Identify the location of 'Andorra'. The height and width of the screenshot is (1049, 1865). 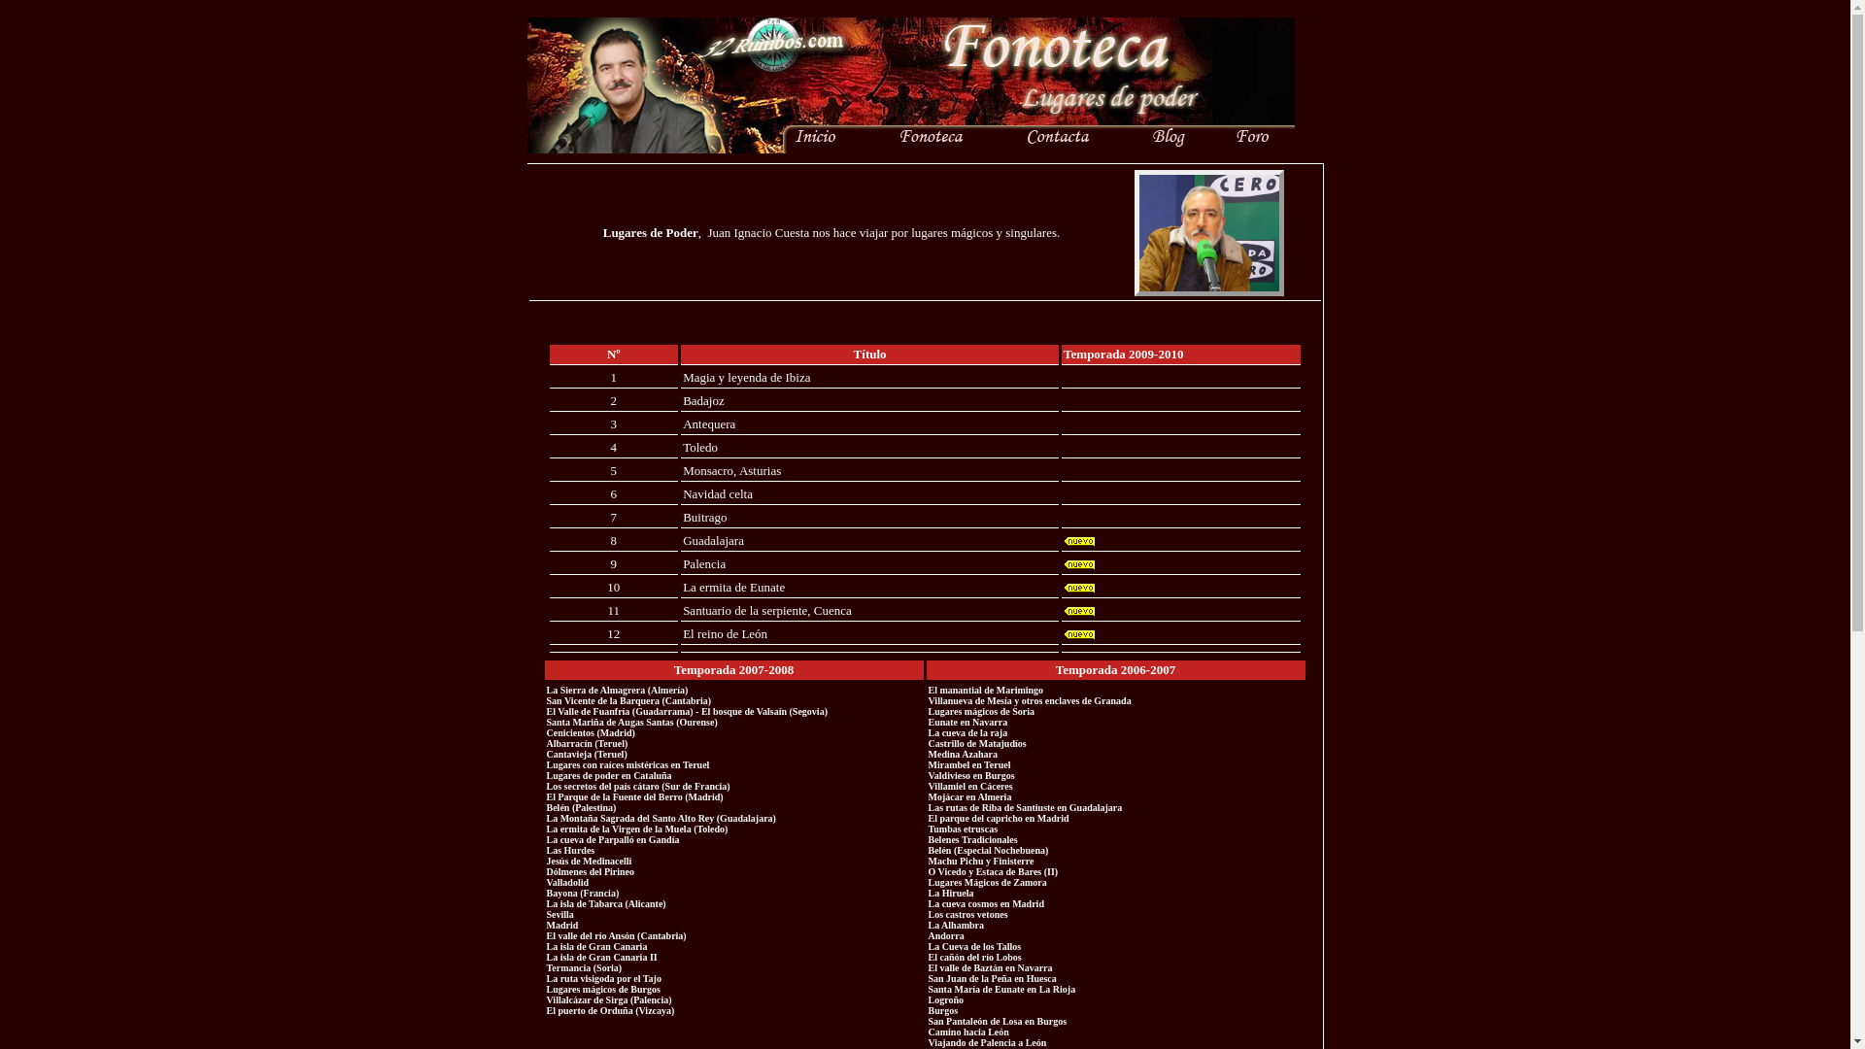
(946, 934).